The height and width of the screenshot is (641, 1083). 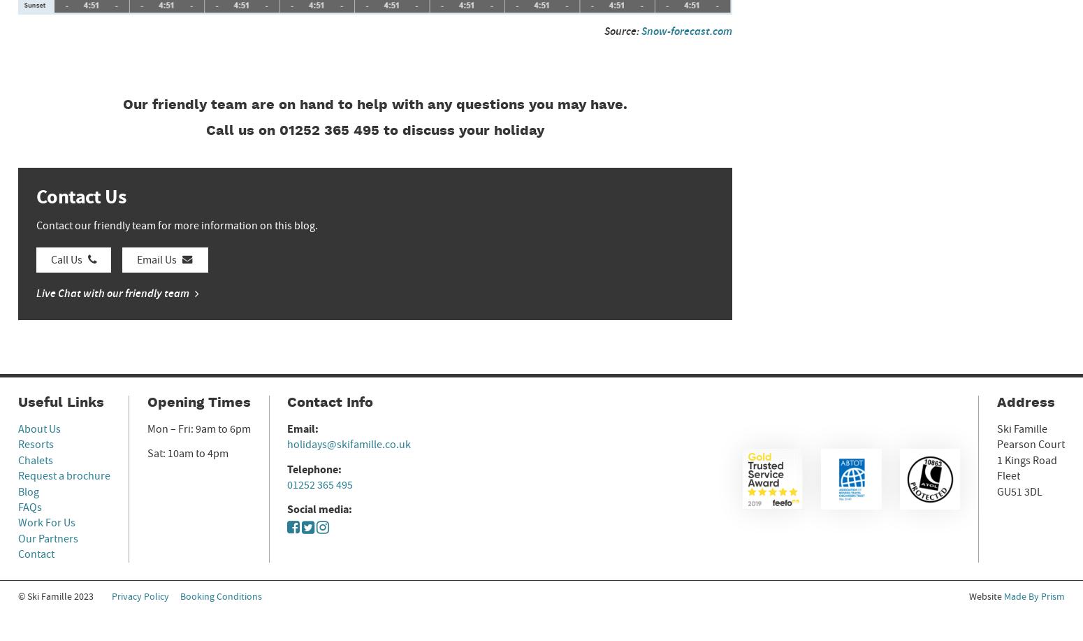 What do you see at coordinates (136, 259) in the screenshot?
I see `'Email Us'` at bounding box center [136, 259].